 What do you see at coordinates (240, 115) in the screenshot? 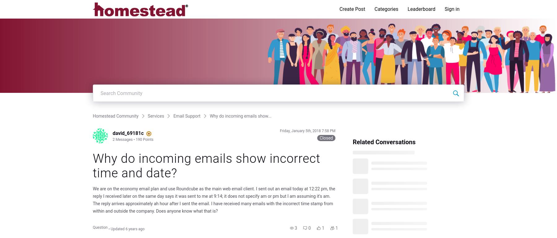
I see `'Why do incoming emails show...'` at bounding box center [240, 115].